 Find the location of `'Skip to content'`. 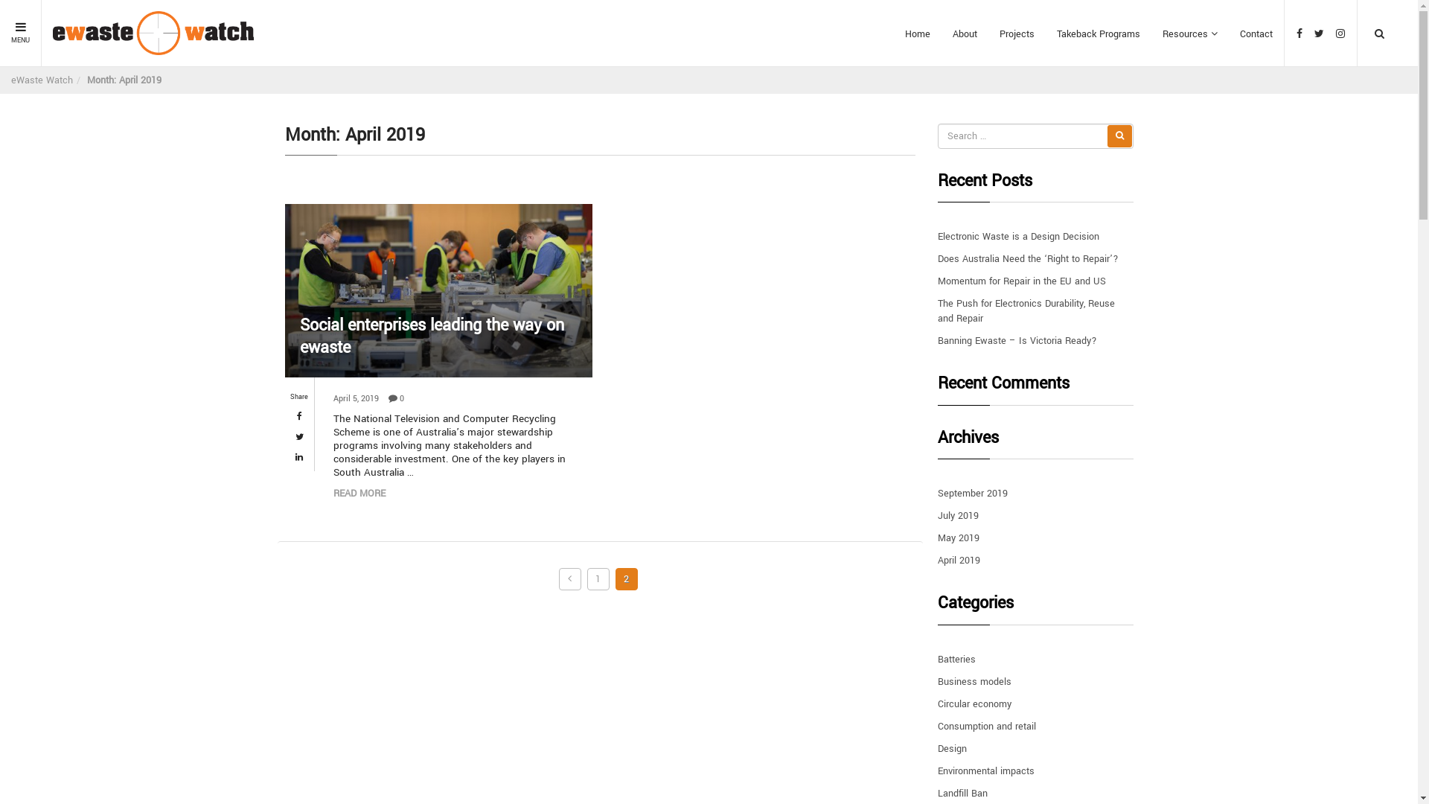

'Skip to content' is located at coordinates (0, 0).